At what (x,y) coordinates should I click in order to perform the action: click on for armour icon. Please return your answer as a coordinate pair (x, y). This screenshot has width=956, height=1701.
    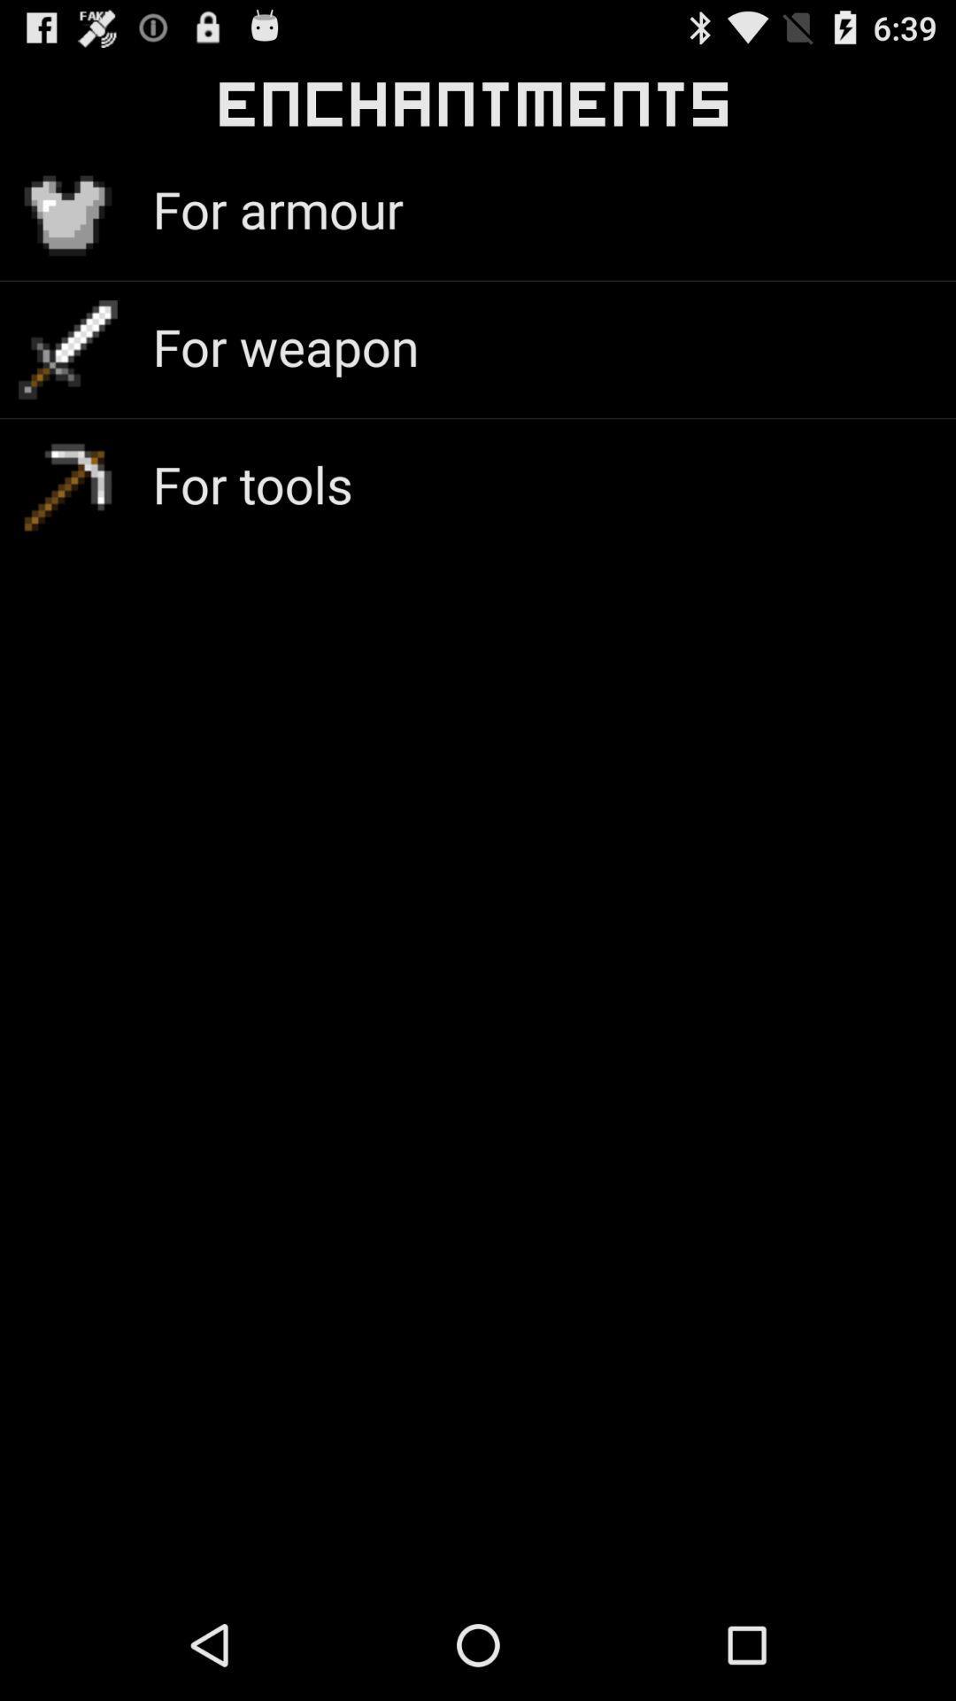
    Looking at the image, I should click on (278, 208).